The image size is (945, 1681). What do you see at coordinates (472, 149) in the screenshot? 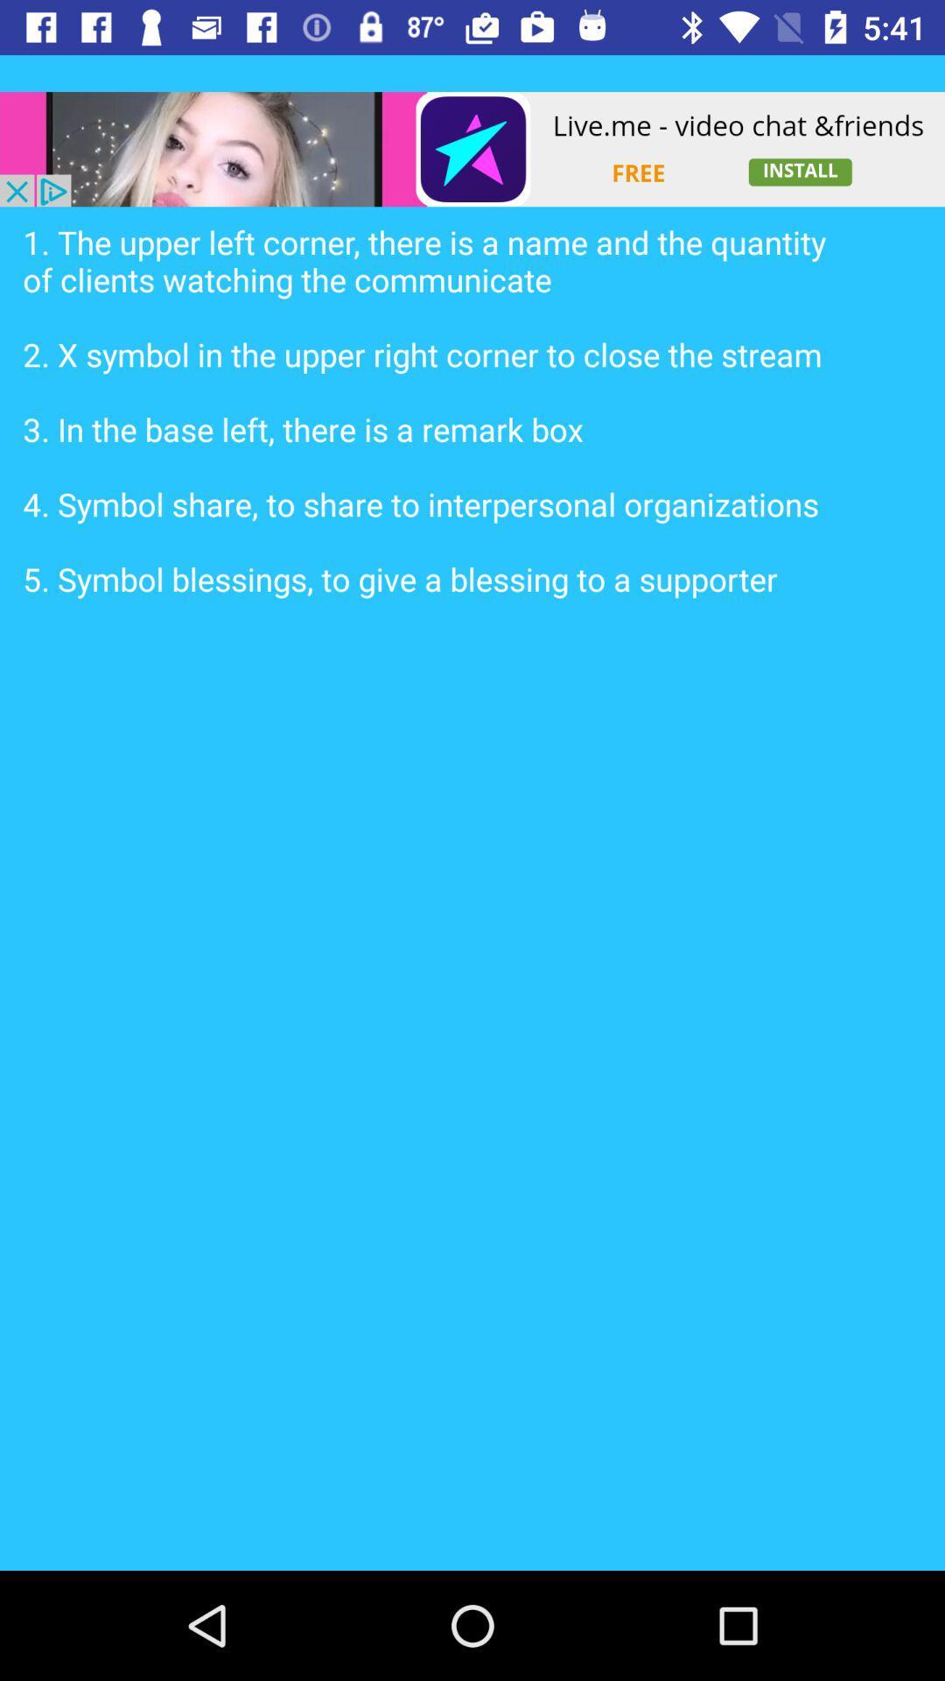
I see `advertisement` at bounding box center [472, 149].